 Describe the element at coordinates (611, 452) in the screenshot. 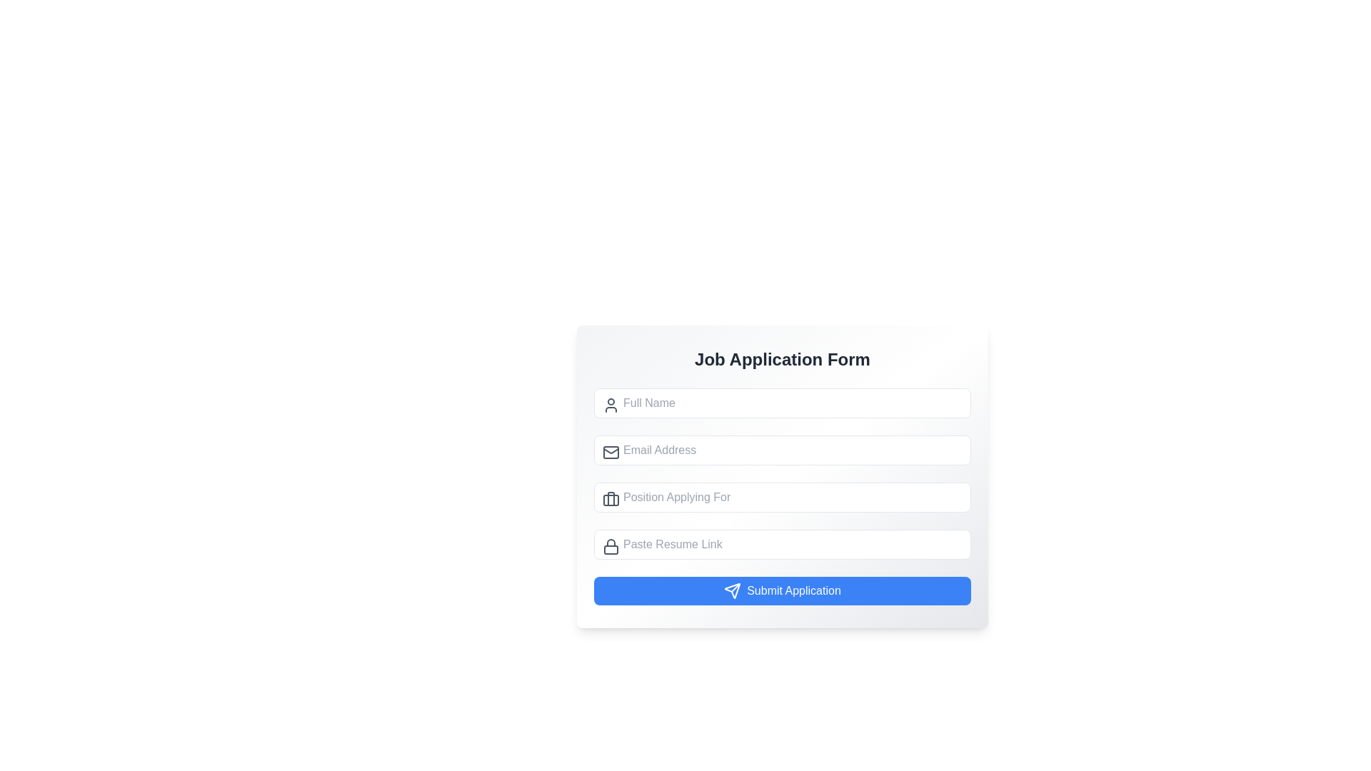

I see `the rectangular envelope base icon in the Job Application Form, which is part of the email icon and positioned to the left of the Email Address input field` at that location.